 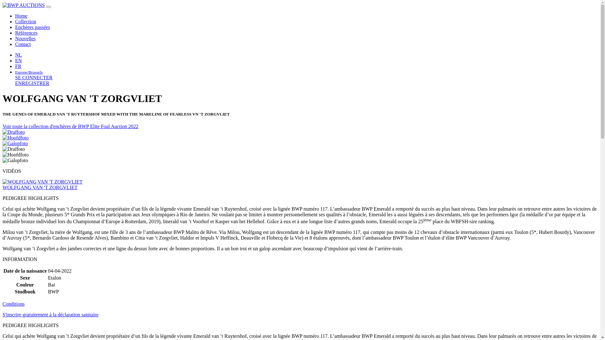 I want to click on 'Nouvelles', so click(x=25, y=38).